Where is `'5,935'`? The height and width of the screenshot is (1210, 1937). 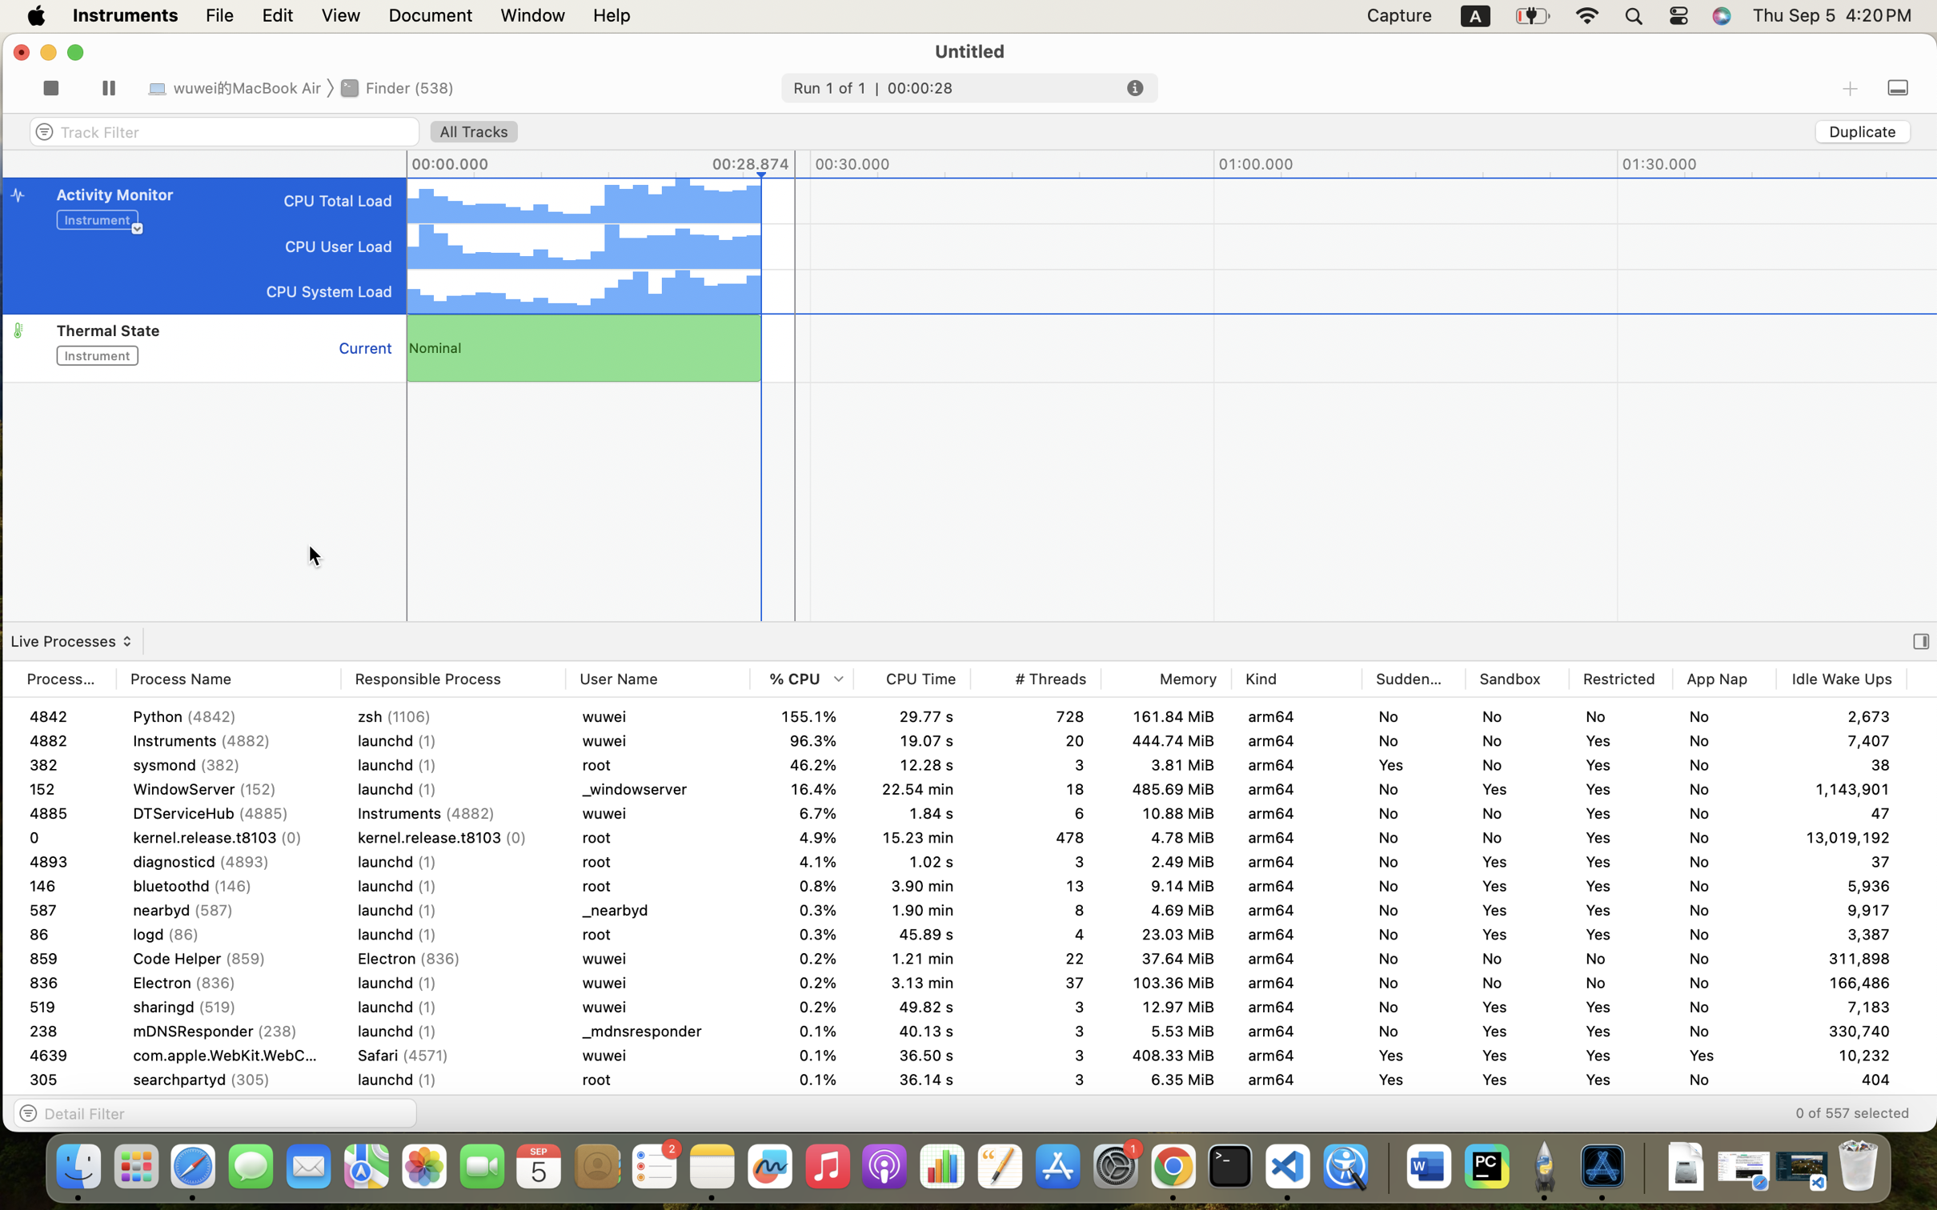
'5,935' is located at coordinates (1842, 909).